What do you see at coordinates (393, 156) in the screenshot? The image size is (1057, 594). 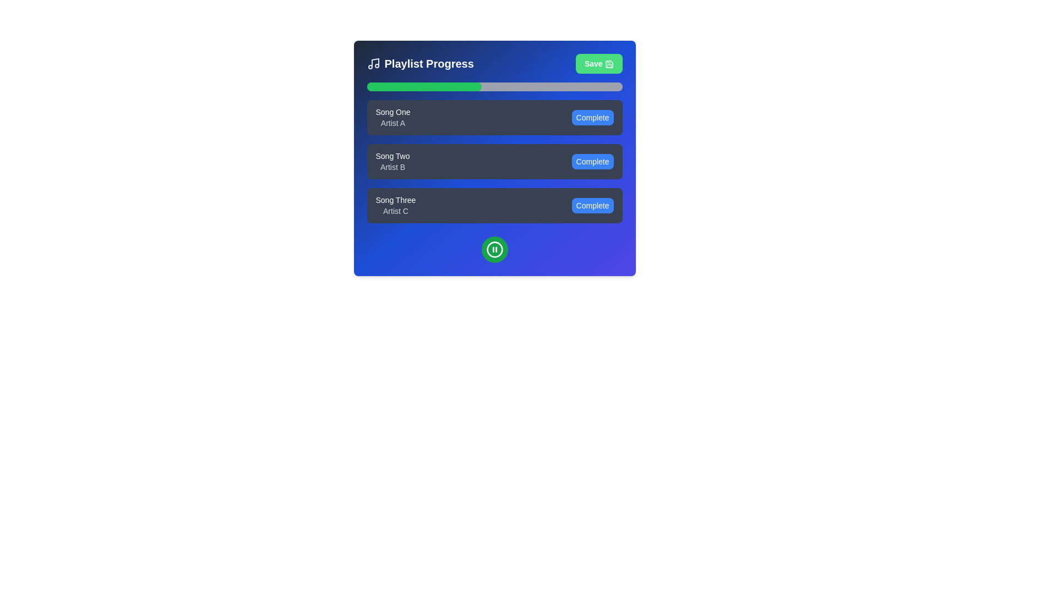 I see `the Text label for the second song entry in the playlist interface, which indicates the song title` at bounding box center [393, 156].